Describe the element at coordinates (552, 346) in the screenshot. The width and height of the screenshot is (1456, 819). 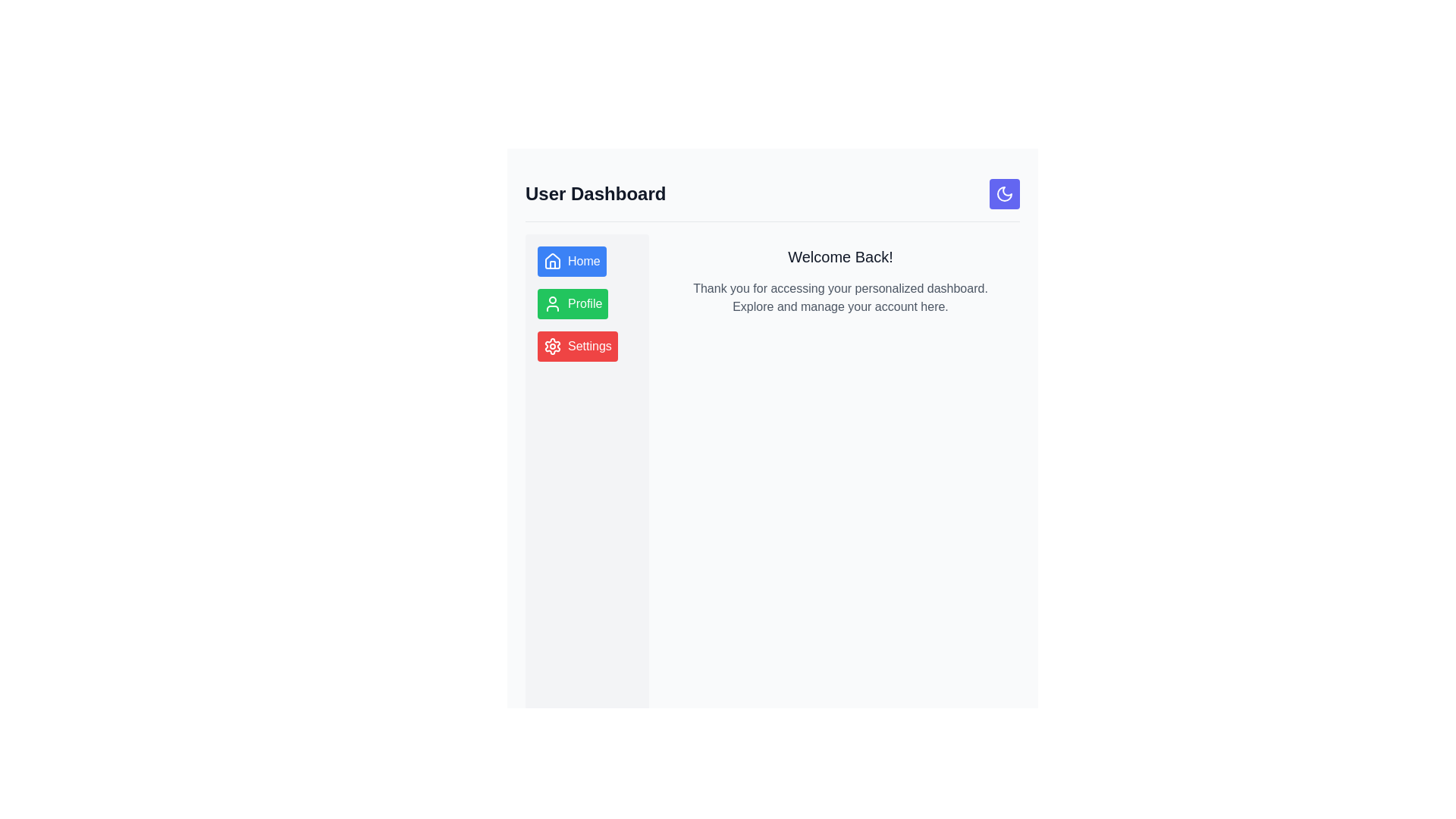
I see `the gear icon associated with settings, which is styled in white on a red circular background` at that location.